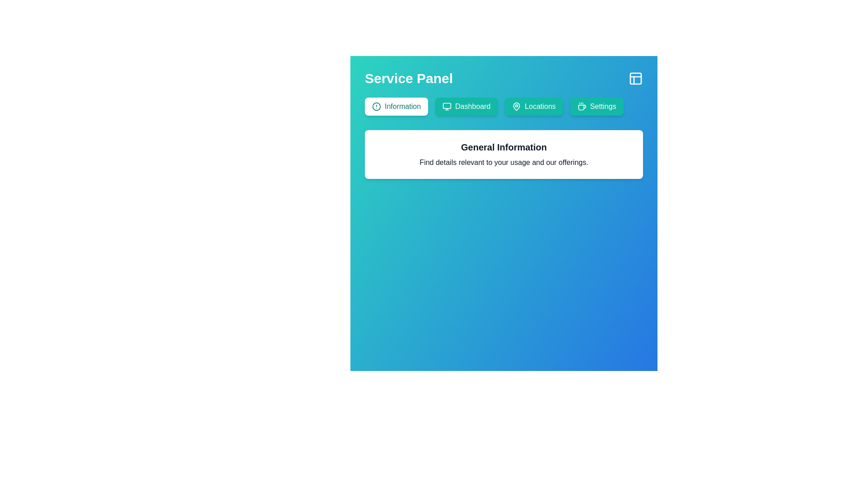 This screenshot has width=867, height=488. I want to click on the teal-green stroke circular icon resembling a warning or alert, located on the leftmost part of the 'Information' button at the top left of the interface, so click(377, 106).